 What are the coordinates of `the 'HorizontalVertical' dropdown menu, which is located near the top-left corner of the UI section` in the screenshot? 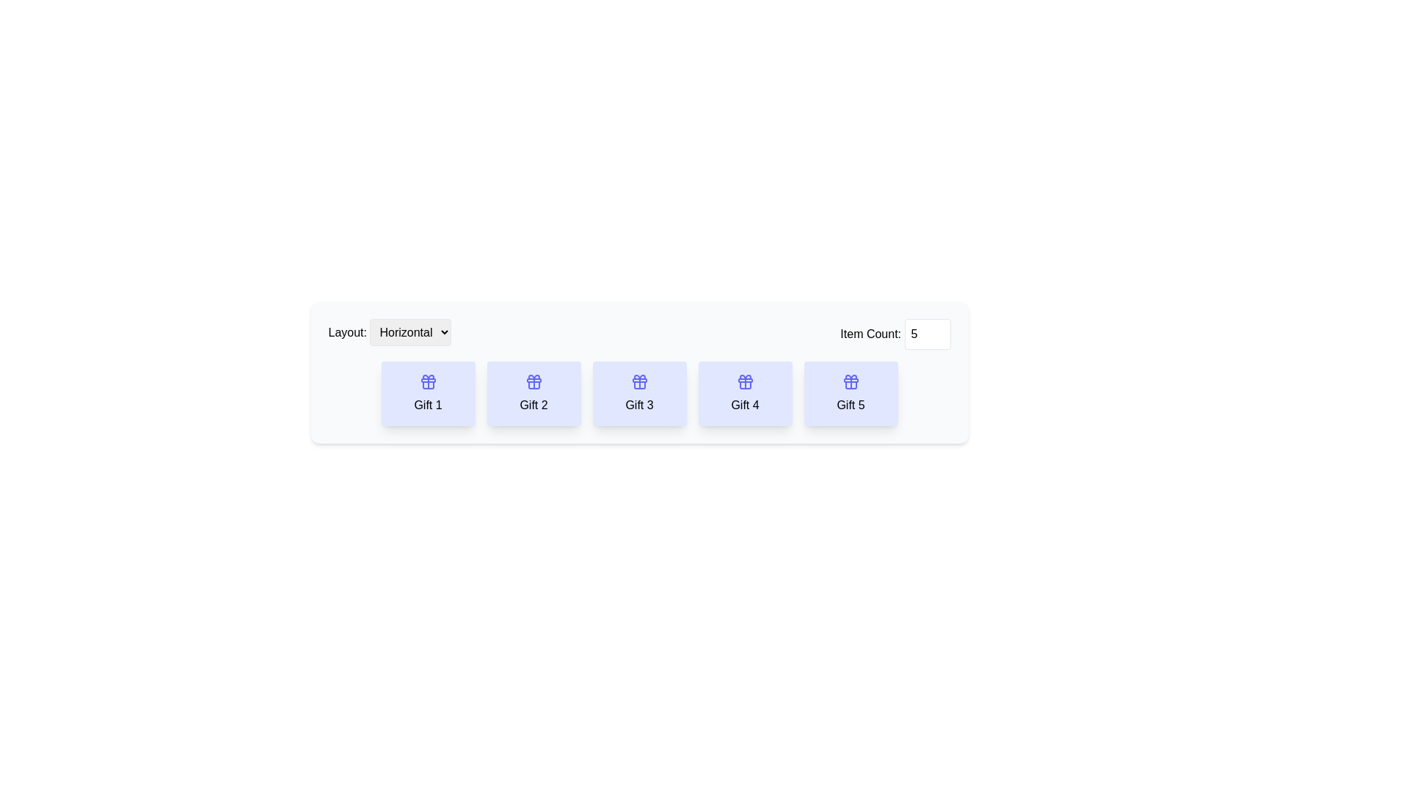 It's located at (410, 332).